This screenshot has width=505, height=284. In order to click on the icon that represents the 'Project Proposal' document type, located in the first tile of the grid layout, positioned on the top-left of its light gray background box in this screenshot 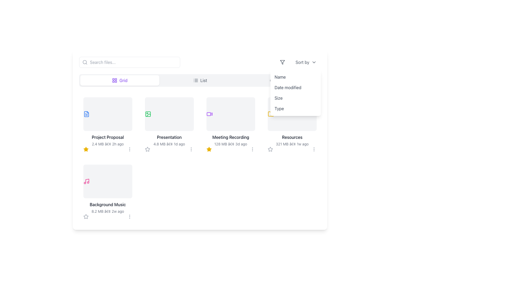, I will do `click(87, 114)`.